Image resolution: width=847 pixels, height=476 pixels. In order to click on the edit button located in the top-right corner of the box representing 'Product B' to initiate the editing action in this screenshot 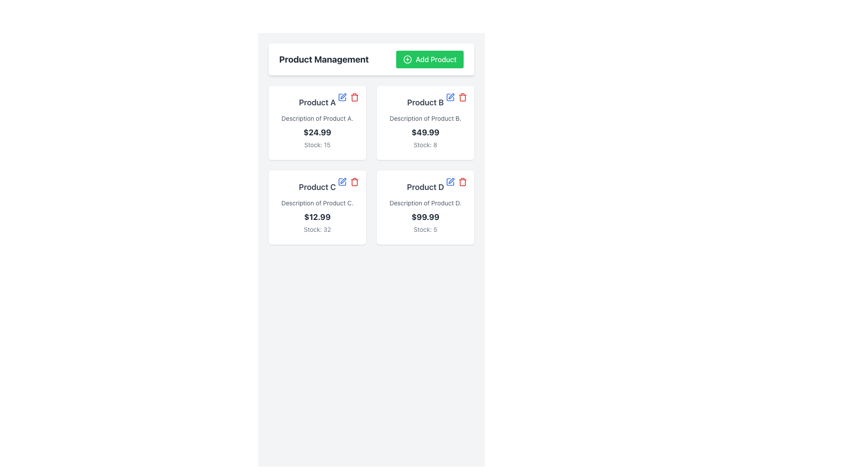, I will do `click(450, 97)`.